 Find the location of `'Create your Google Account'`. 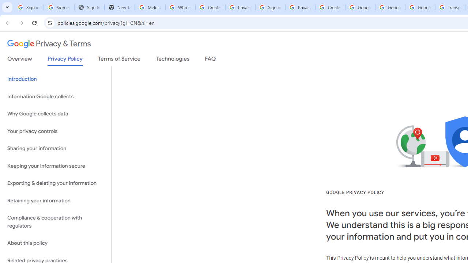

'Create your Google Account' is located at coordinates (330, 7).